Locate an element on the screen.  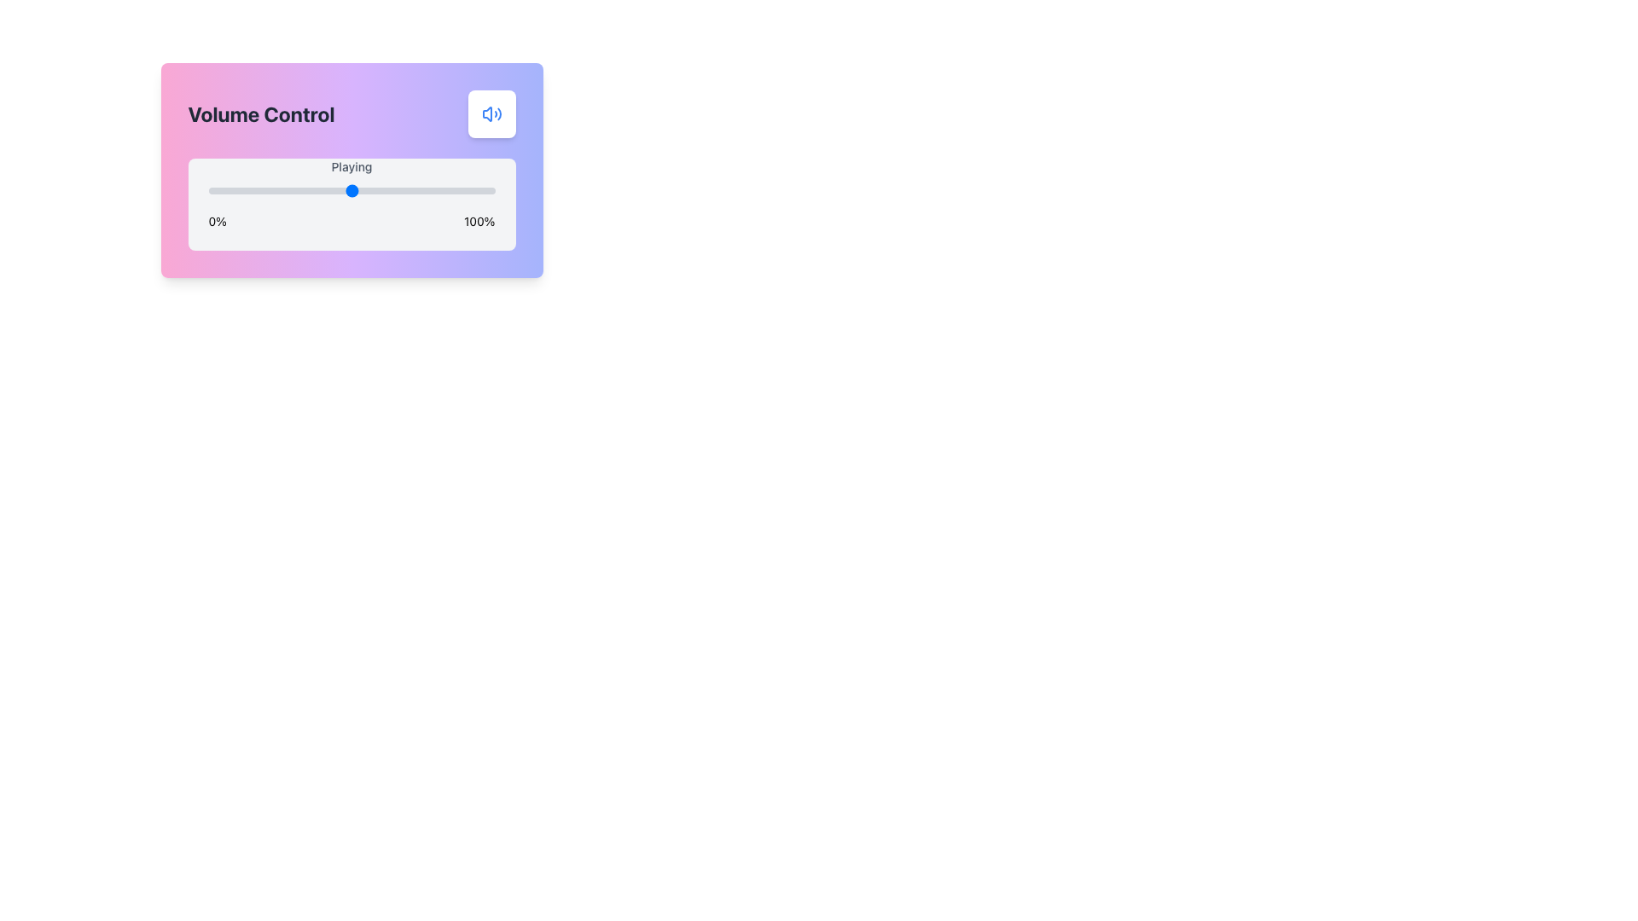
the sound control icon located at the top right corner of the audio control card, which serves to adjust volume or toggle sound on/off is located at coordinates (491, 114).